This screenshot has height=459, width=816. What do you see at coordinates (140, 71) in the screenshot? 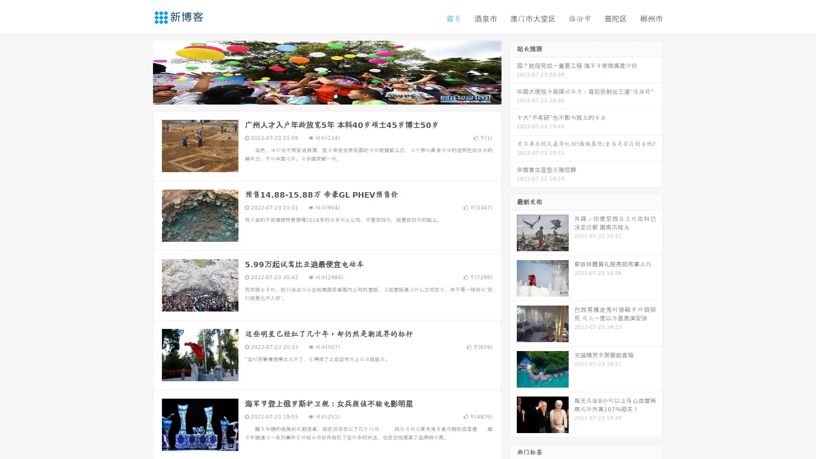
I see `Previous slide` at bounding box center [140, 71].